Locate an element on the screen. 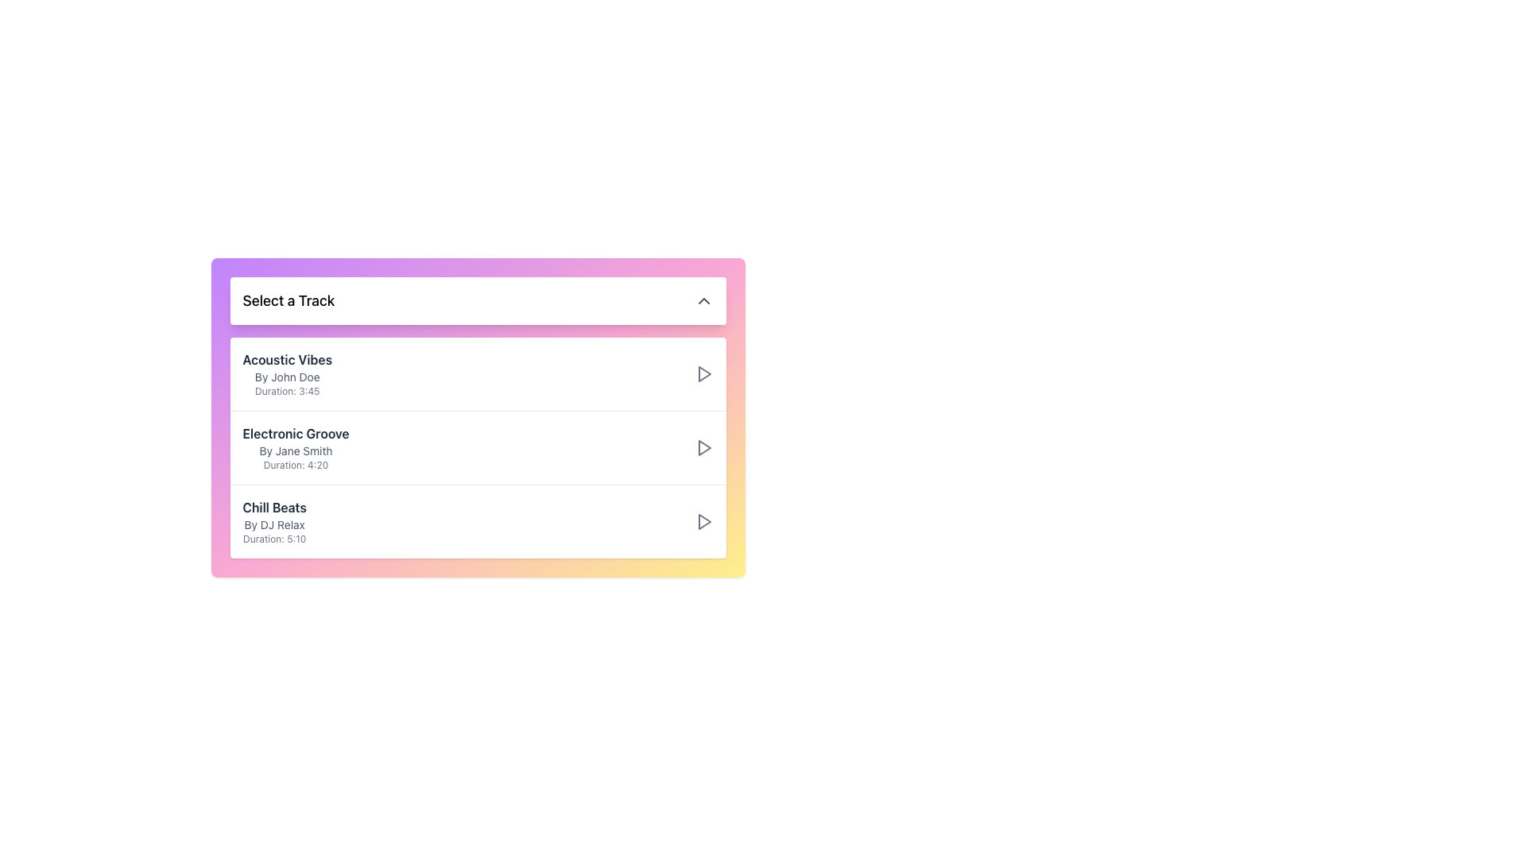 This screenshot has width=1526, height=858. the small gray play button icon, which is a triangular SVG element, located to the far right of the list entry titled 'Electronic Groove' to play the associated track is located at coordinates (703, 447).